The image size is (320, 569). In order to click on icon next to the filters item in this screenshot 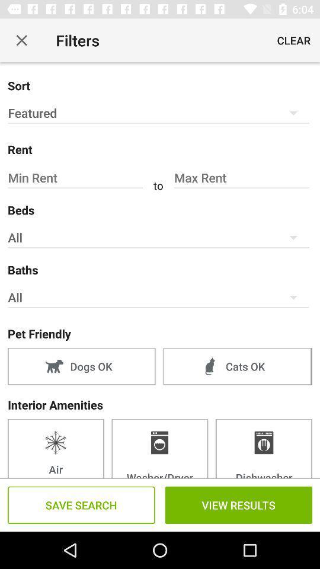, I will do `click(21, 40)`.